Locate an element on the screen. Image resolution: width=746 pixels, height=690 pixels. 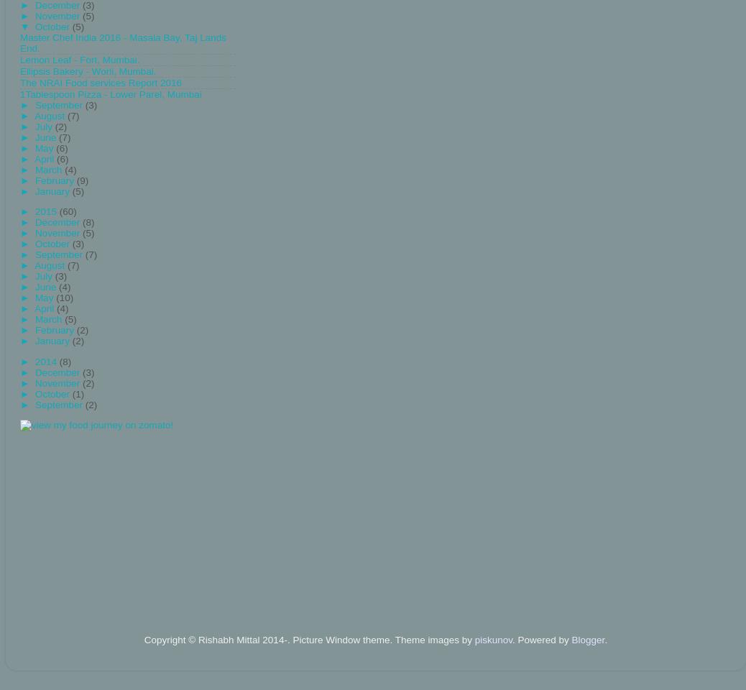
'(60)' is located at coordinates (67, 211).